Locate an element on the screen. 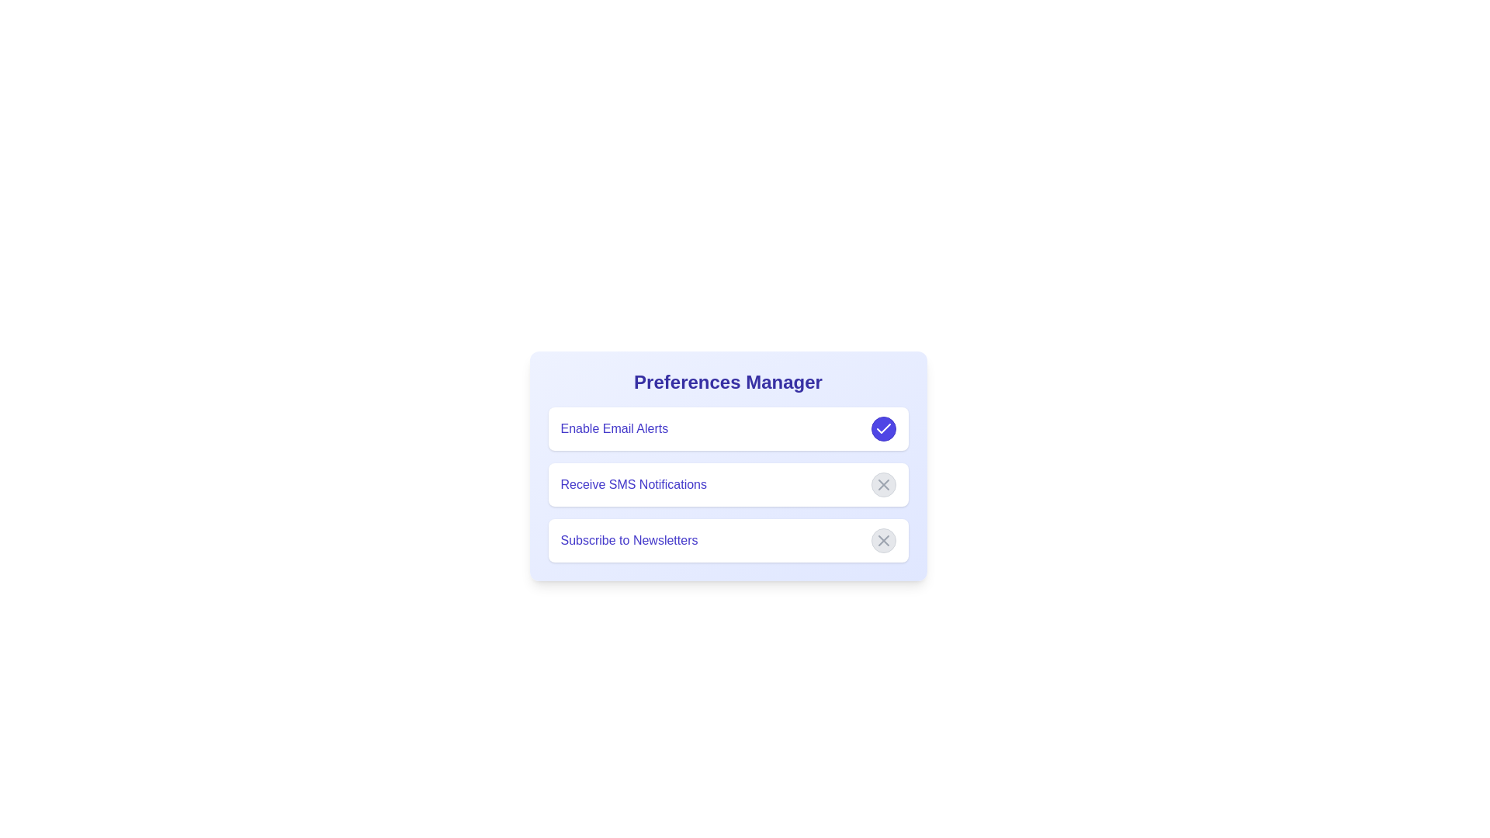 Image resolution: width=1490 pixels, height=838 pixels. the icon inside the oval-shaped button for 'Receive SMS Notifications' to signify an action such as disabling or closing is located at coordinates (883, 540).